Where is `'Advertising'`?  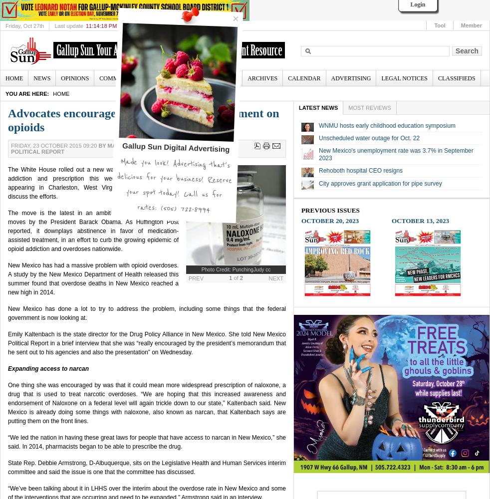
'Advertising' is located at coordinates (350, 78).